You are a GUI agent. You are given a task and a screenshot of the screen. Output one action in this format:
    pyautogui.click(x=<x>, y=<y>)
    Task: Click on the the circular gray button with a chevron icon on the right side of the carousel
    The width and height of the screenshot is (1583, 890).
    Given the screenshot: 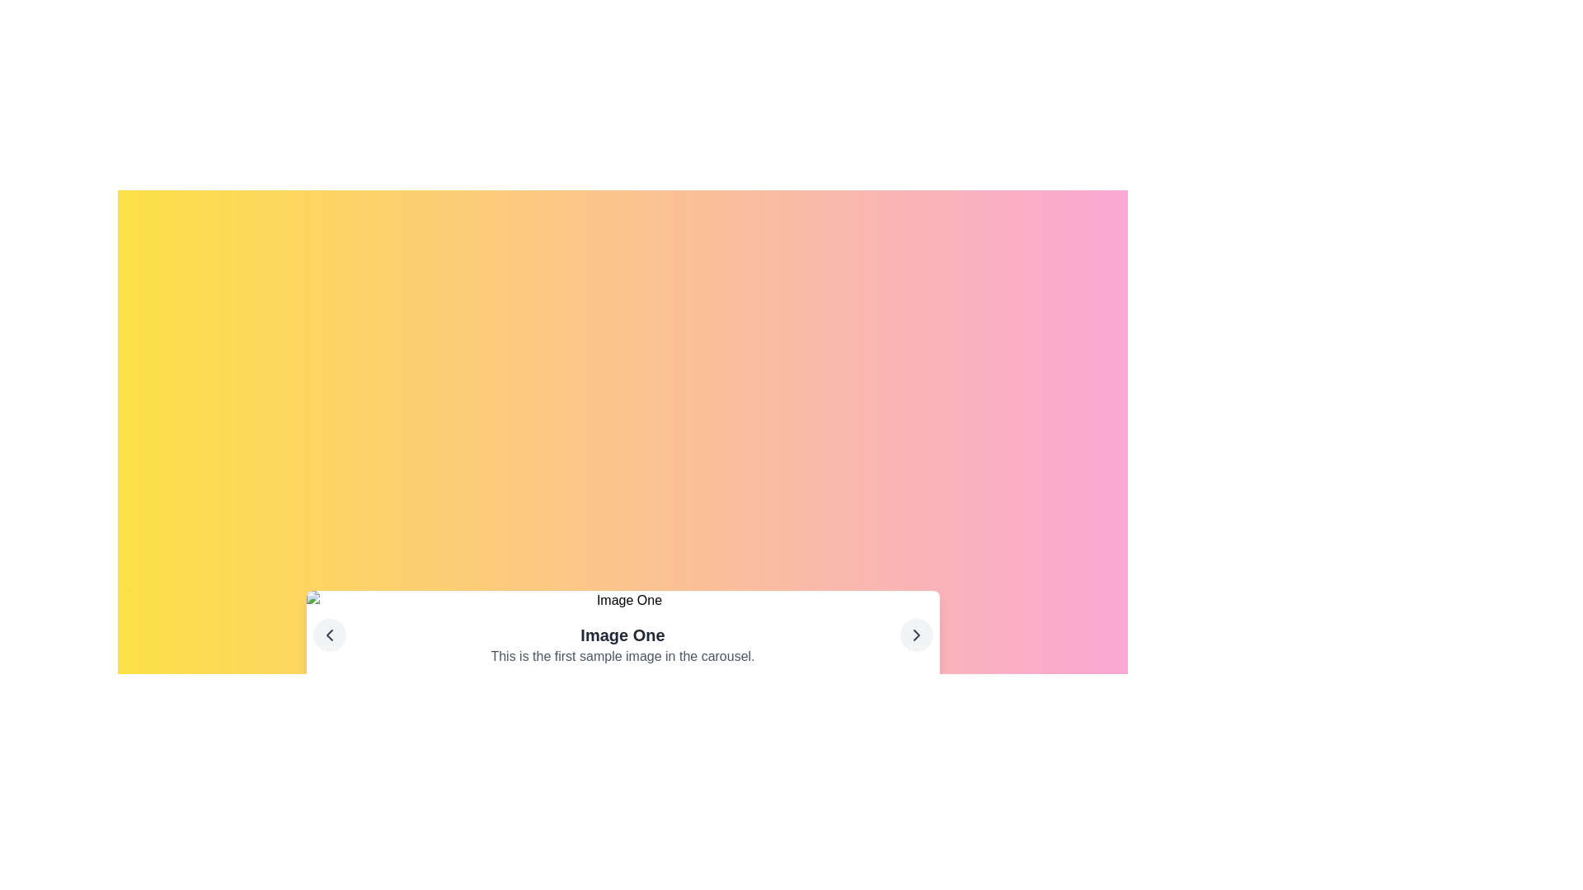 What is the action you would take?
    pyautogui.click(x=915, y=635)
    